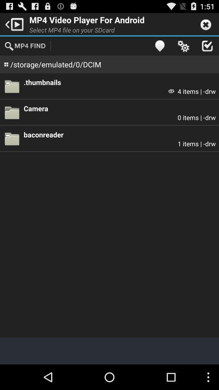 The height and width of the screenshot is (390, 219). I want to click on the app to the left of 4 items | -drw item, so click(171, 91).